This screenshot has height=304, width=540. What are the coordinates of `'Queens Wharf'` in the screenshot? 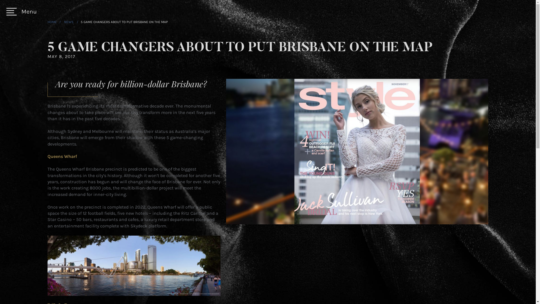 It's located at (62, 156).